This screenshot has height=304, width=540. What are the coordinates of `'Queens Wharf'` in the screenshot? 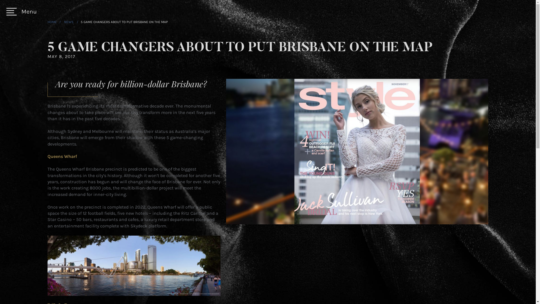 It's located at (62, 156).